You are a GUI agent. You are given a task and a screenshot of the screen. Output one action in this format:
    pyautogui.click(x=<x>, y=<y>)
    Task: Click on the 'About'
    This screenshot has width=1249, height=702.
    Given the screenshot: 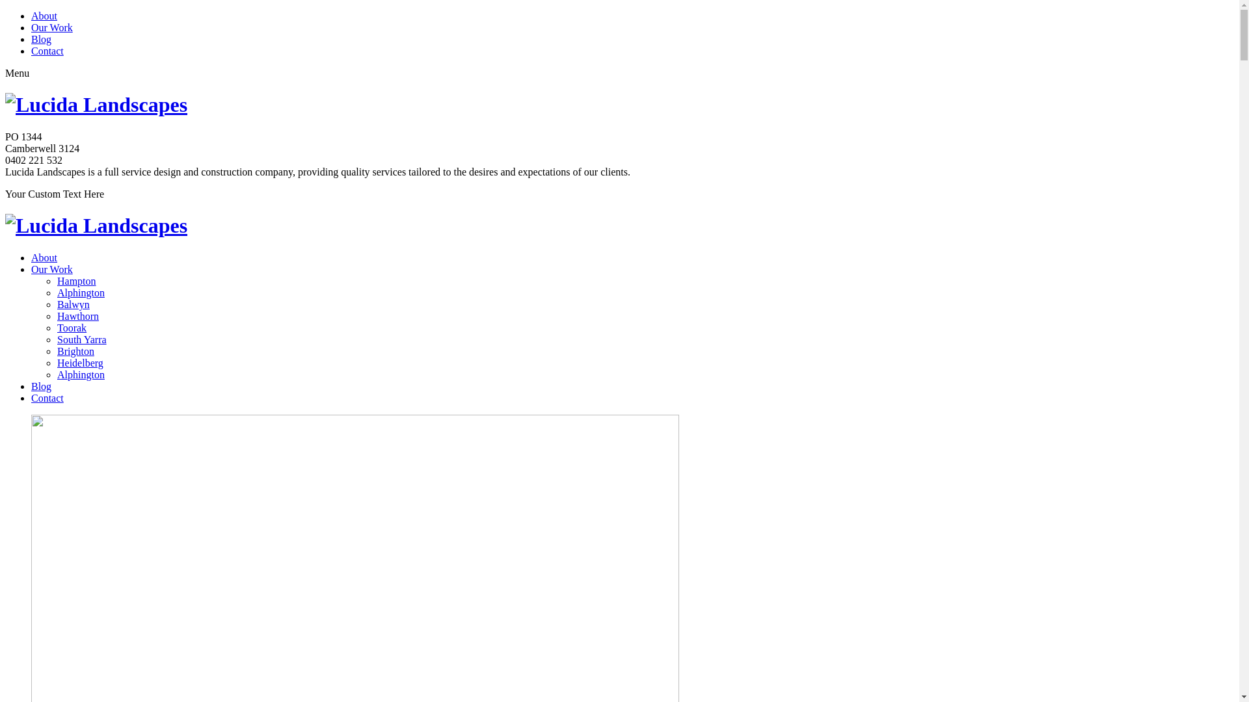 What is the action you would take?
    pyautogui.click(x=31, y=16)
    